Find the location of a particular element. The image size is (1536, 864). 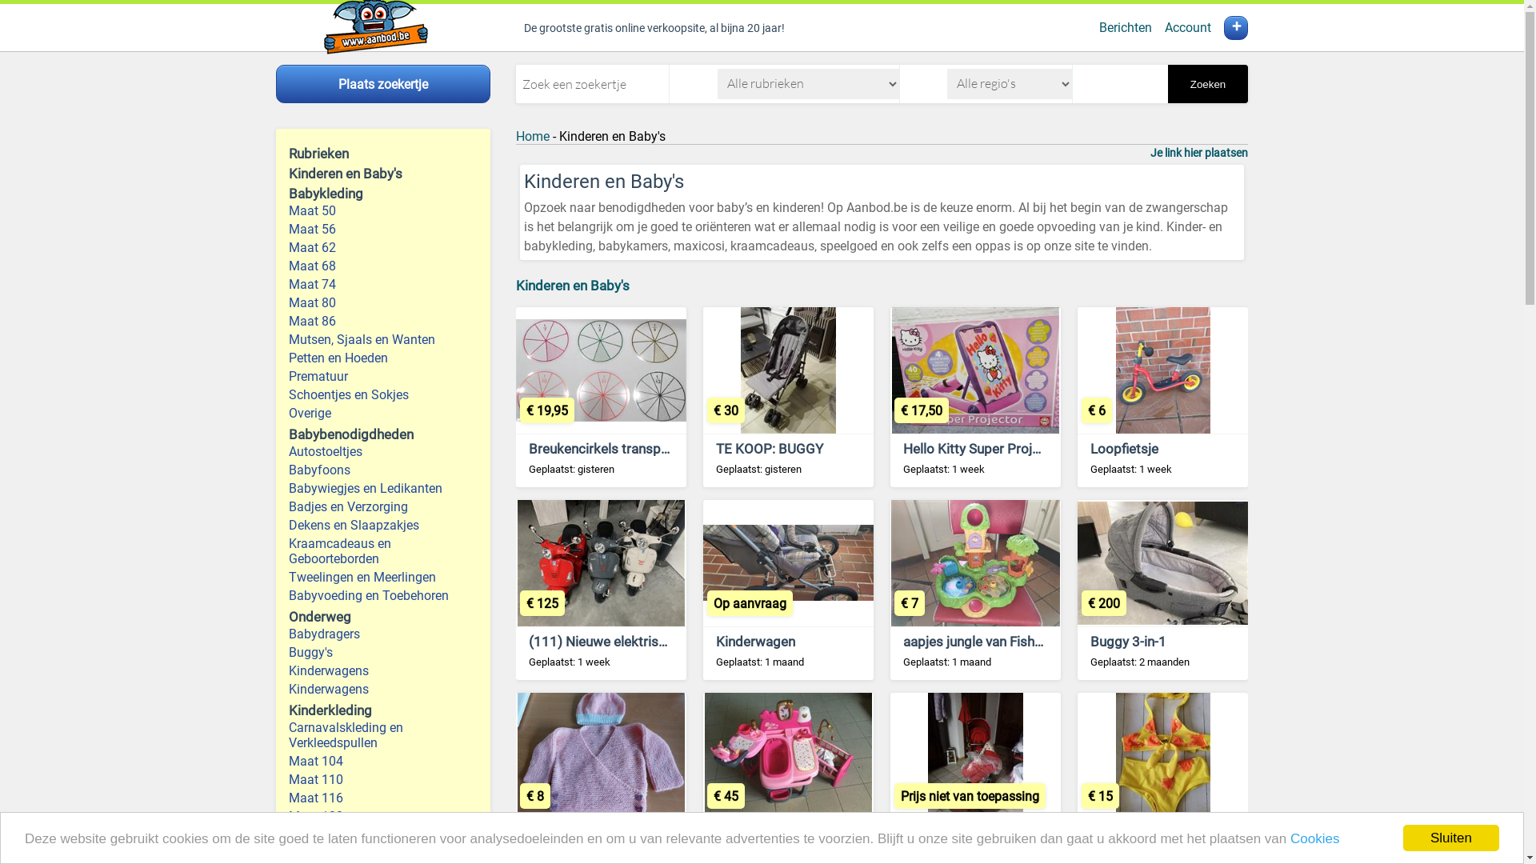

'Babywiegjes en Ledikanten' is located at coordinates (382, 487).